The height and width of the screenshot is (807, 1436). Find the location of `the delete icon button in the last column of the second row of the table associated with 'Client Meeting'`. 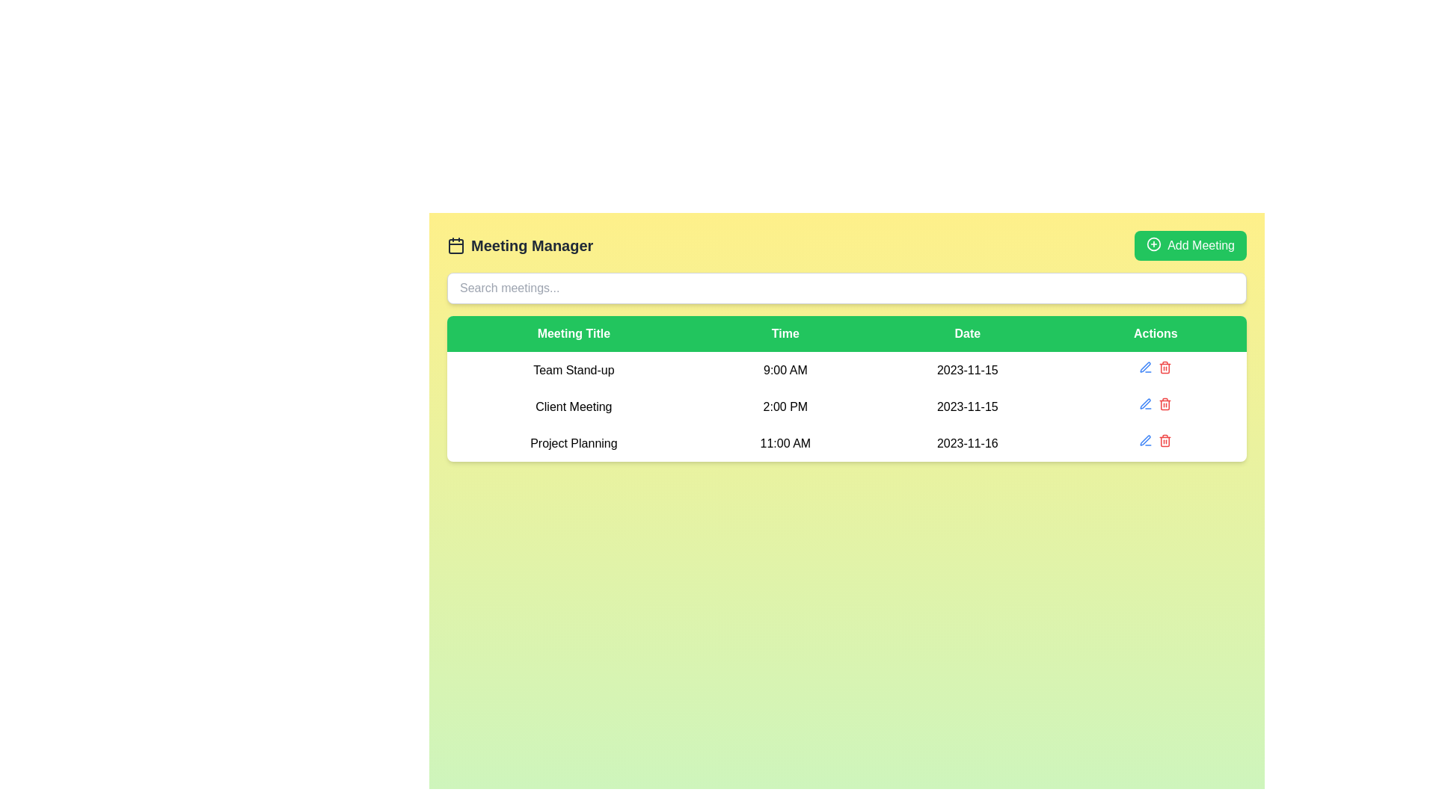

the delete icon button in the last column of the second row of the table associated with 'Client Meeting' is located at coordinates (1165, 368).